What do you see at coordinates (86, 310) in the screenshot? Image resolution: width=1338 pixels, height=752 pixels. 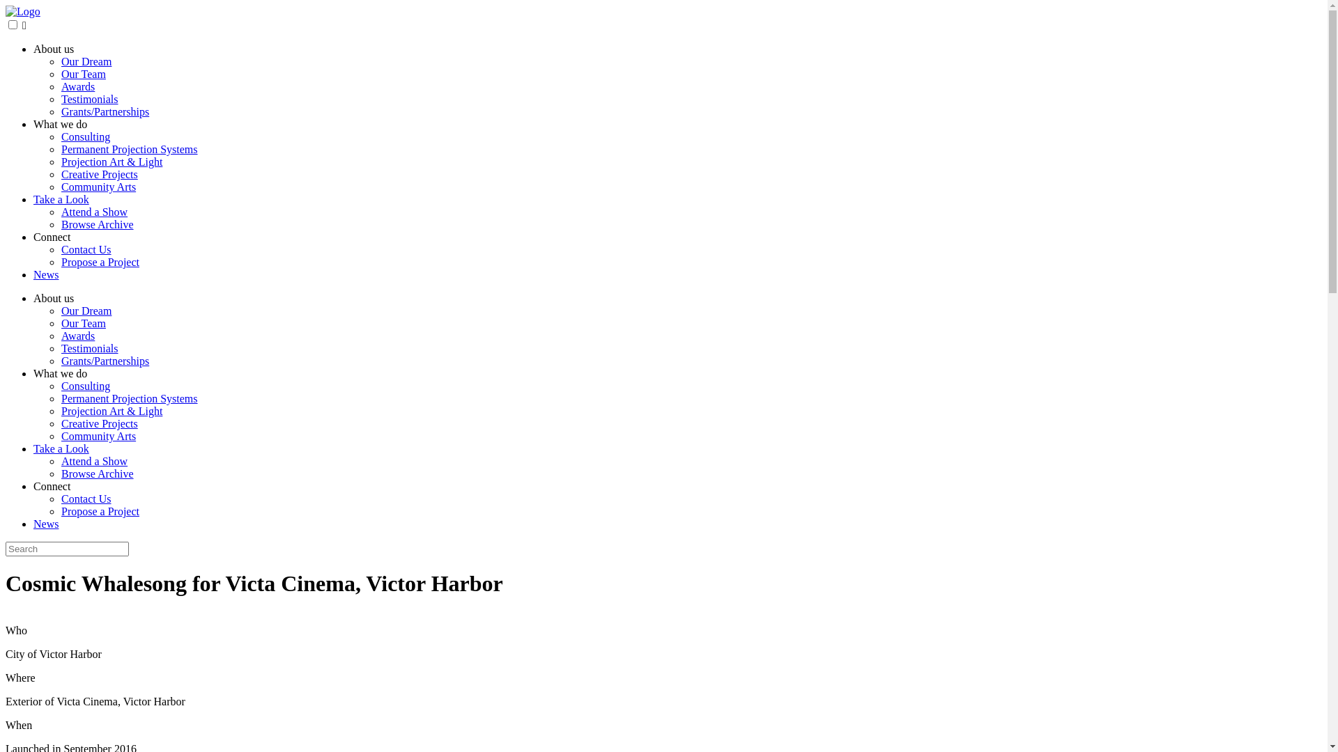 I see `'Our Dream'` at bounding box center [86, 310].